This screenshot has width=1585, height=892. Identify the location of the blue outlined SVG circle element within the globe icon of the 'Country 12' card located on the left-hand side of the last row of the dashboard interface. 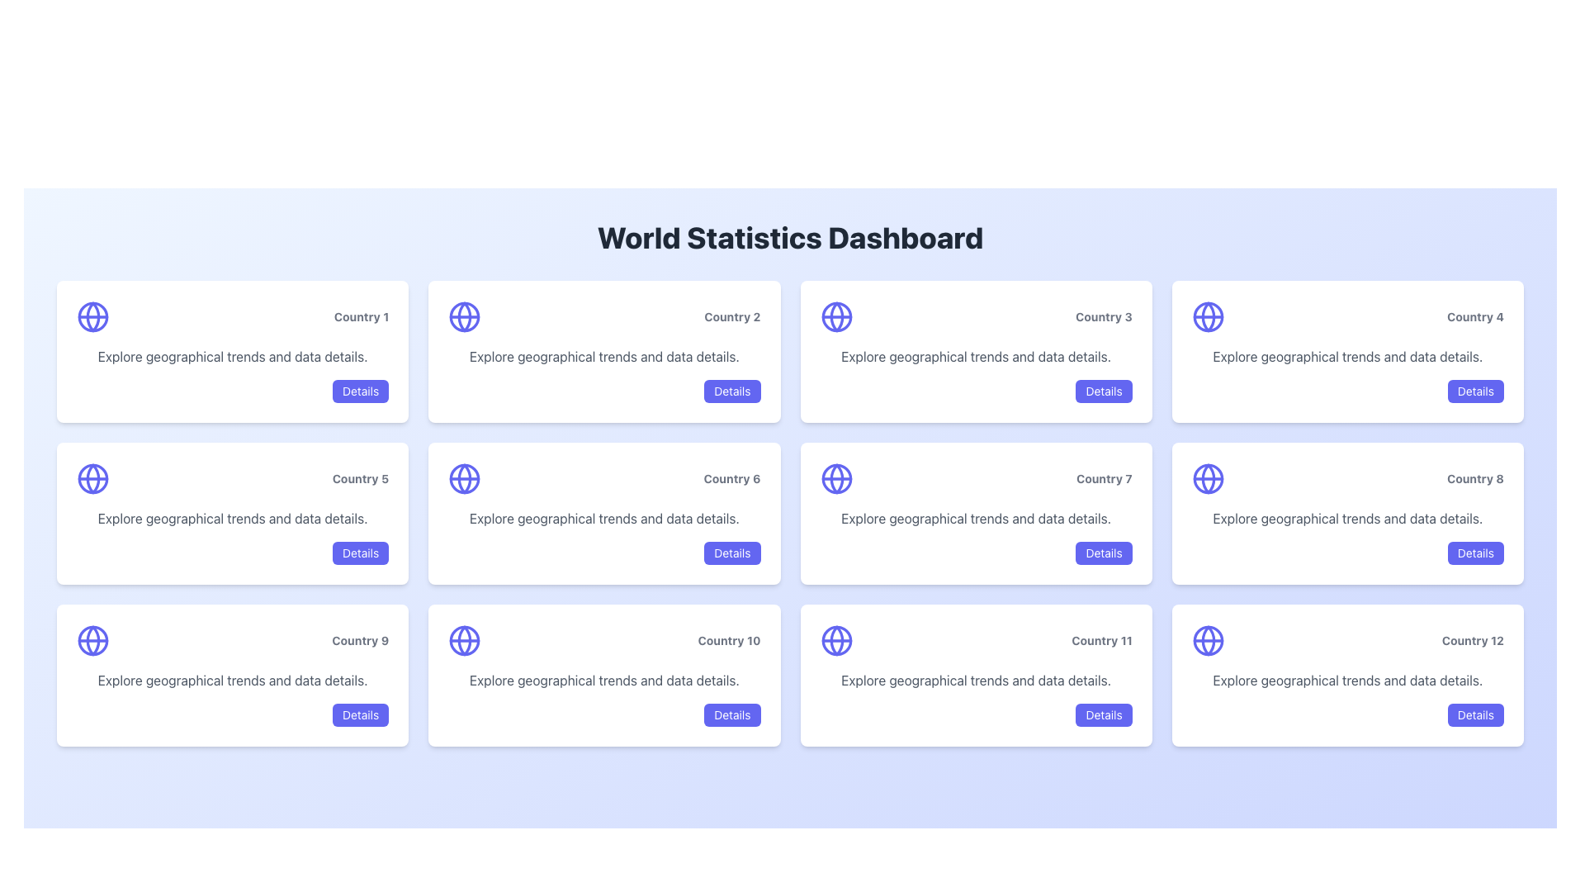
(1208, 639).